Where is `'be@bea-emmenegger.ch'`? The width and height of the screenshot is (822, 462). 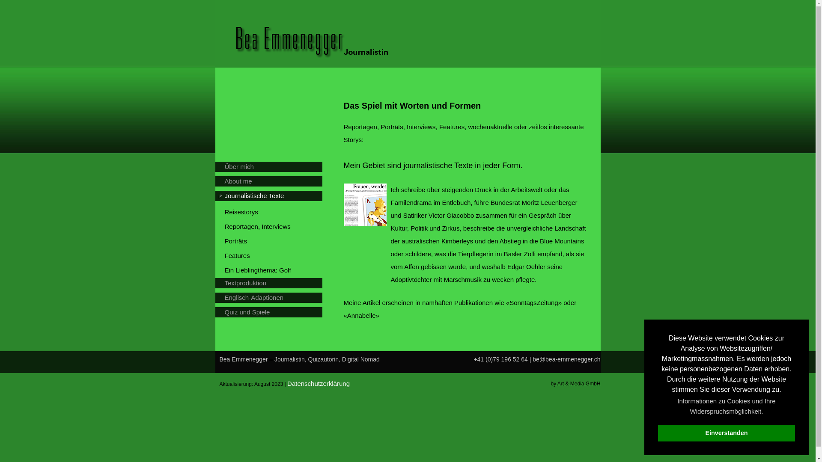 'be@bea-emmenegger.ch' is located at coordinates (532, 359).